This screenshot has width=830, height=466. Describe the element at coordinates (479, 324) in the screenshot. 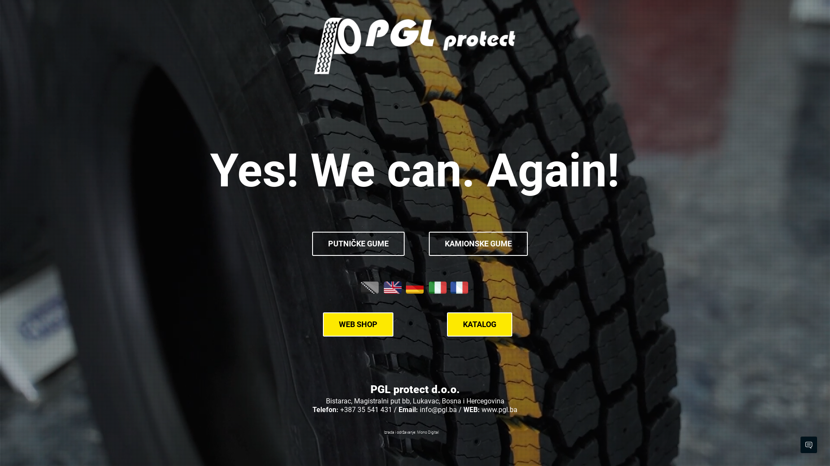

I see `'KATALOG'` at that location.